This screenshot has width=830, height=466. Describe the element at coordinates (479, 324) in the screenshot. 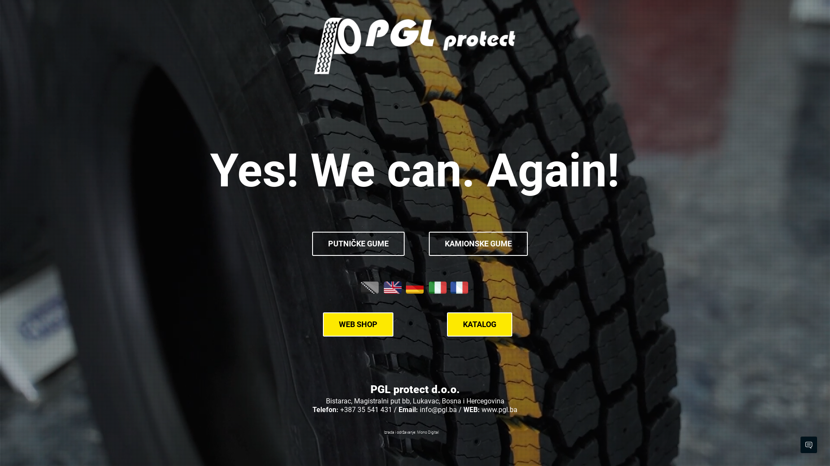

I see `'KATALOG'` at that location.